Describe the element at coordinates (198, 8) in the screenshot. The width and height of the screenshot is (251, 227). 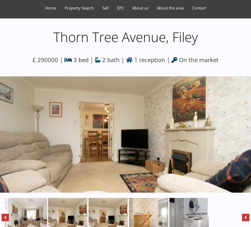
I see `'Contact'` at that location.